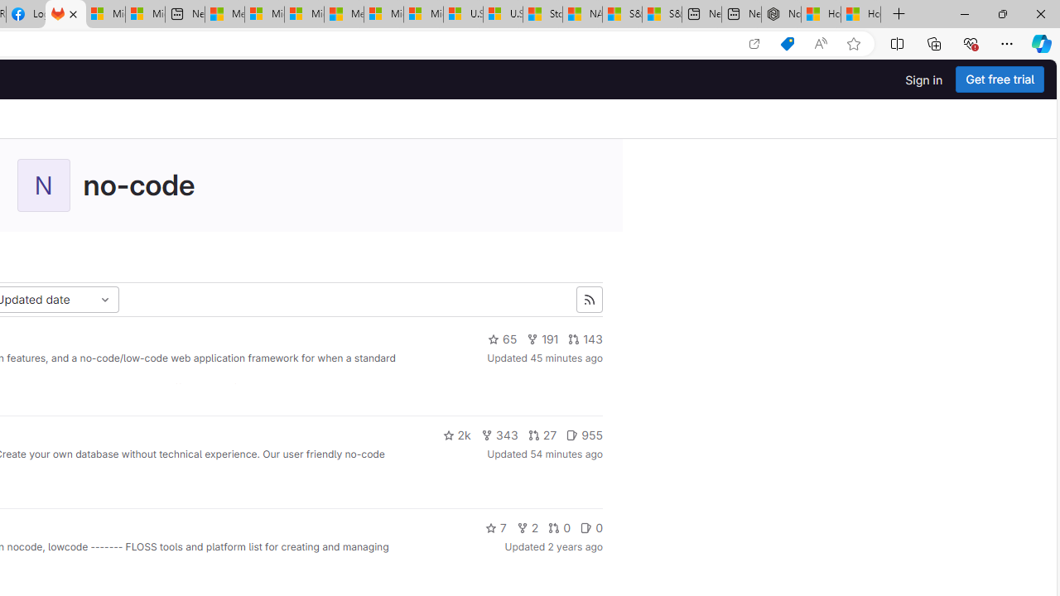  I want to click on 'Shopping in Microsoft Edge', so click(787, 43).